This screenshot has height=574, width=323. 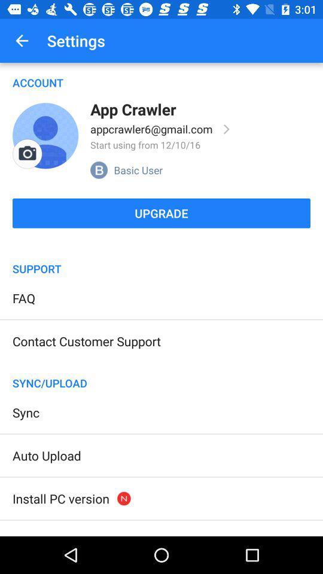 What do you see at coordinates (161, 75) in the screenshot?
I see `the account item` at bounding box center [161, 75].